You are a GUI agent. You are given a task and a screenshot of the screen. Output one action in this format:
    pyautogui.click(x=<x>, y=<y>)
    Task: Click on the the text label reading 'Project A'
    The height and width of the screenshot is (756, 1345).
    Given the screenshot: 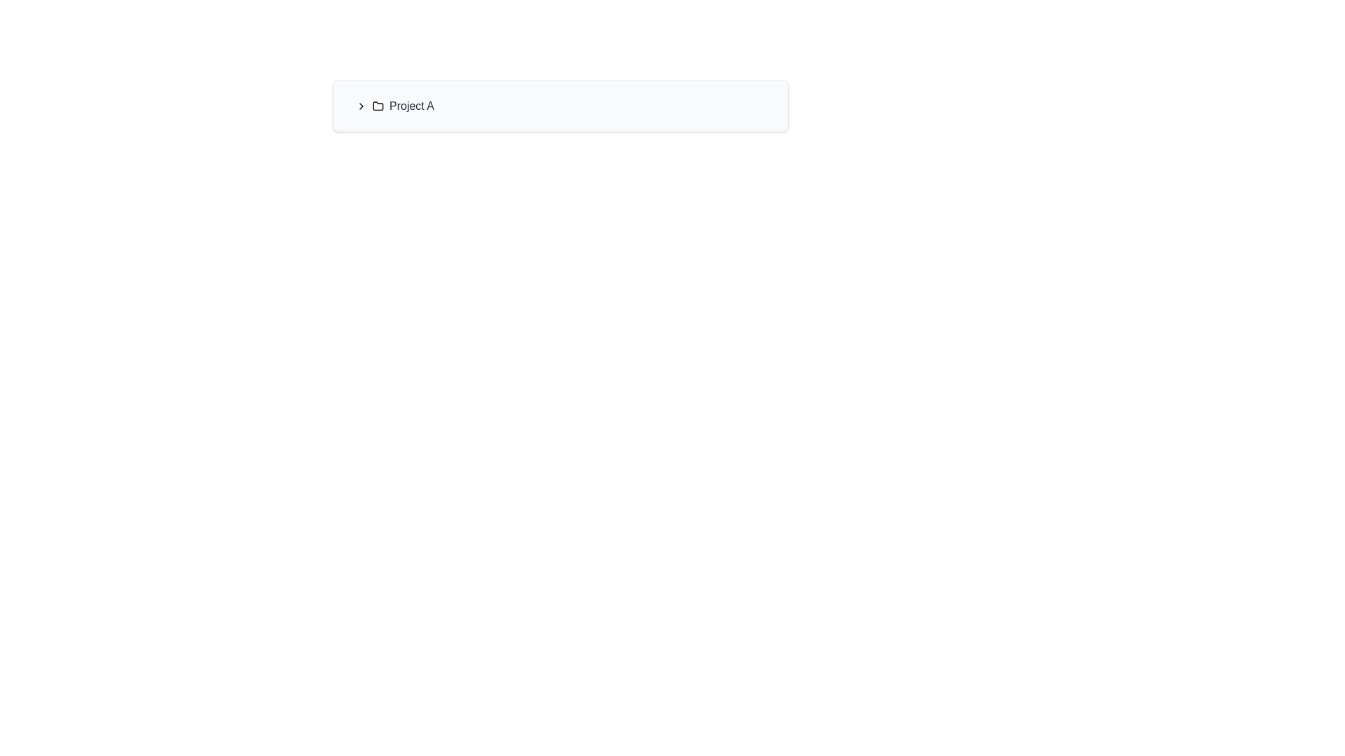 What is the action you would take?
    pyautogui.click(x=411, y=105)
    